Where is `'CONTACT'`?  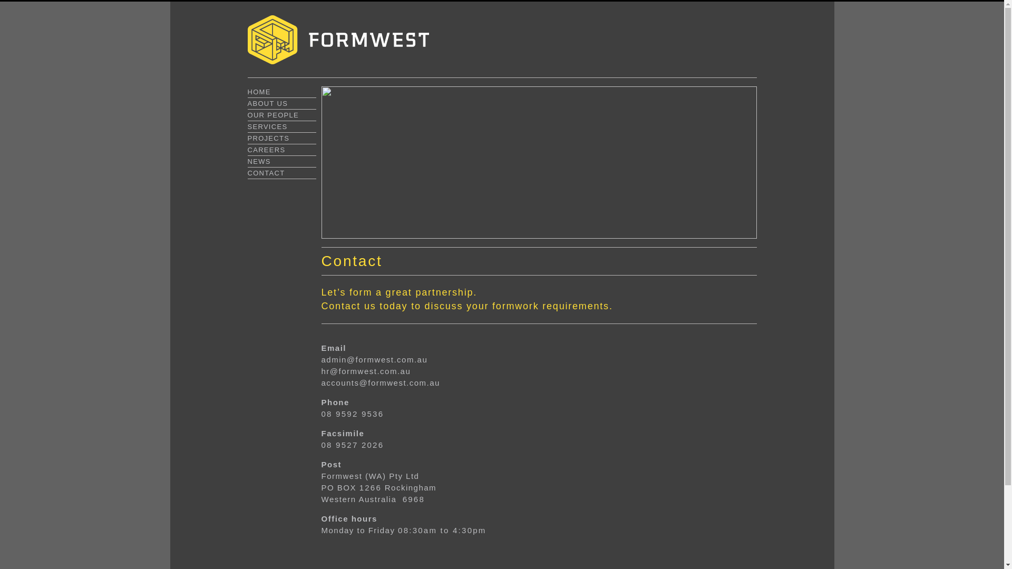 'CONTACT' is located at coordinates (266, 171).